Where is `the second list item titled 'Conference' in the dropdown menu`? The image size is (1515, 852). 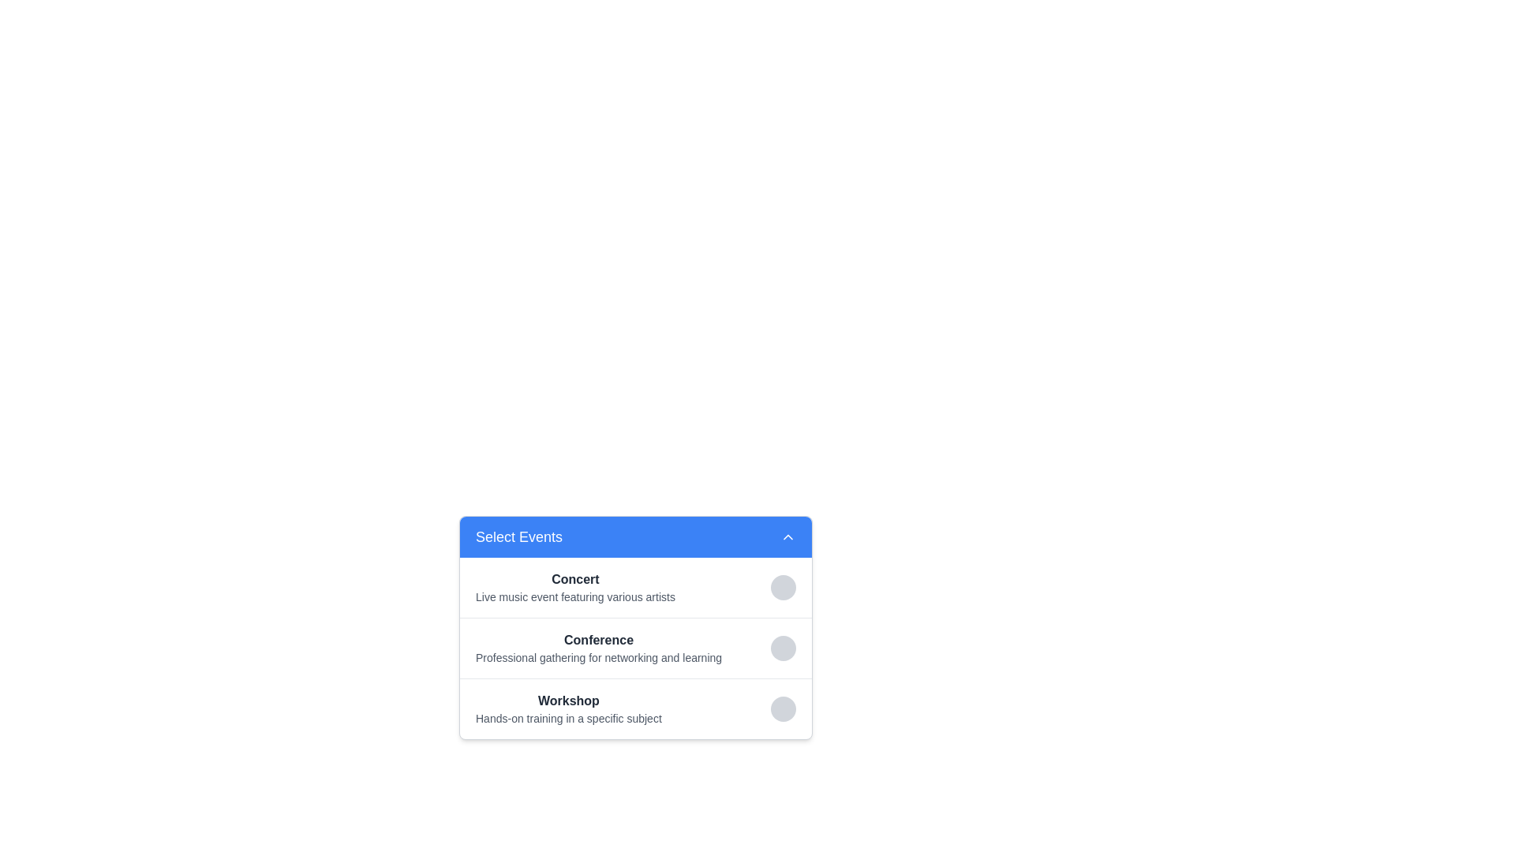 the second list item titled 'Conference' in the dropdown menu is located at coordinates (636, 626).